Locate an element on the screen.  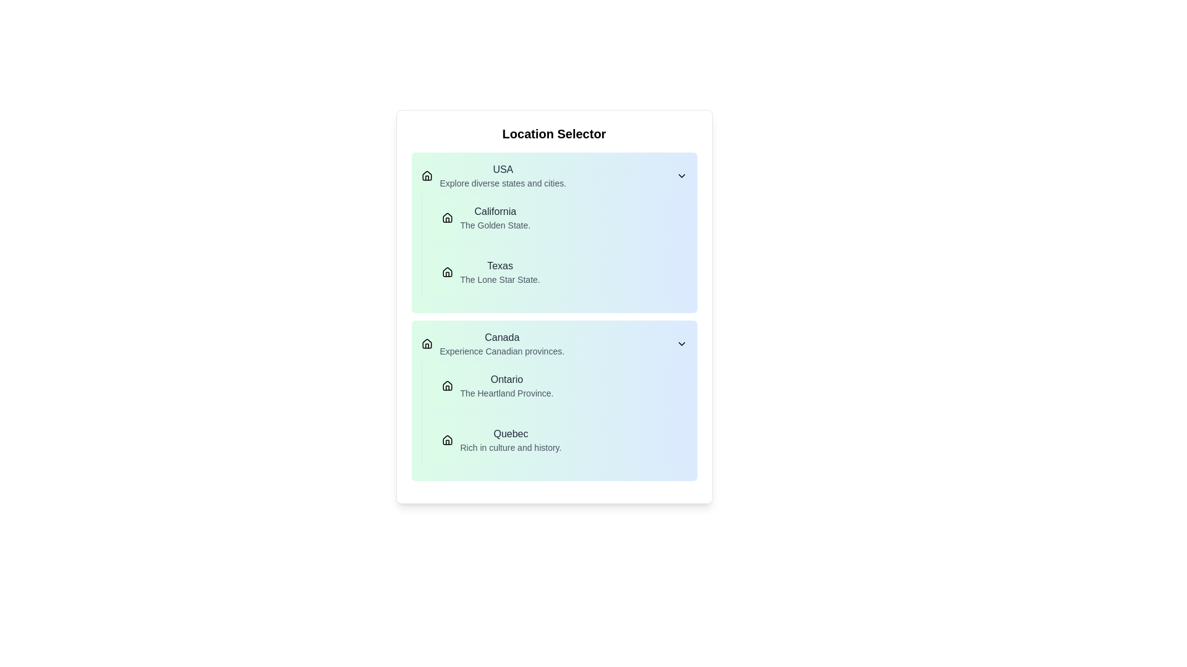
the static text label representing the geographic region 'Canada' which is the first item in the second major group of the list is located at coordinates (502, 338).